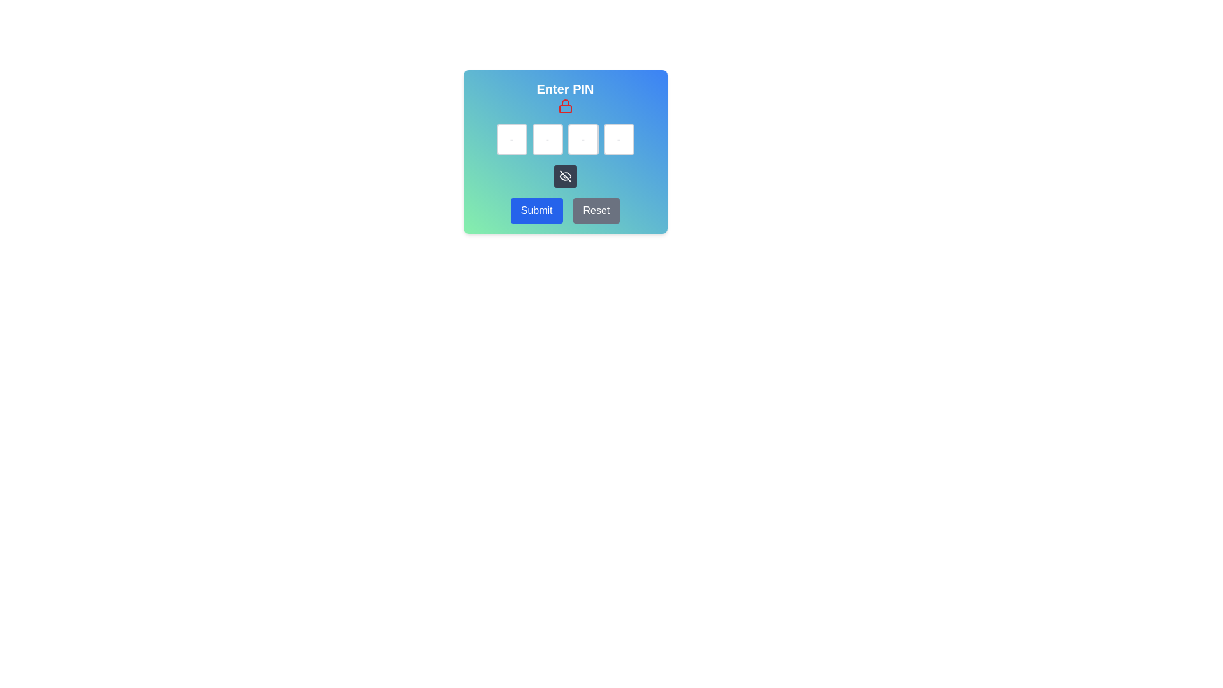 The width and height of the screenshot is (1223, 688). Describe the element at coordinates (564, 108) in the screenshot. I see `the base of the lock icon, which signifies security in the PIN entry interface, located beneath the 'Enter PIN' label` at that location.